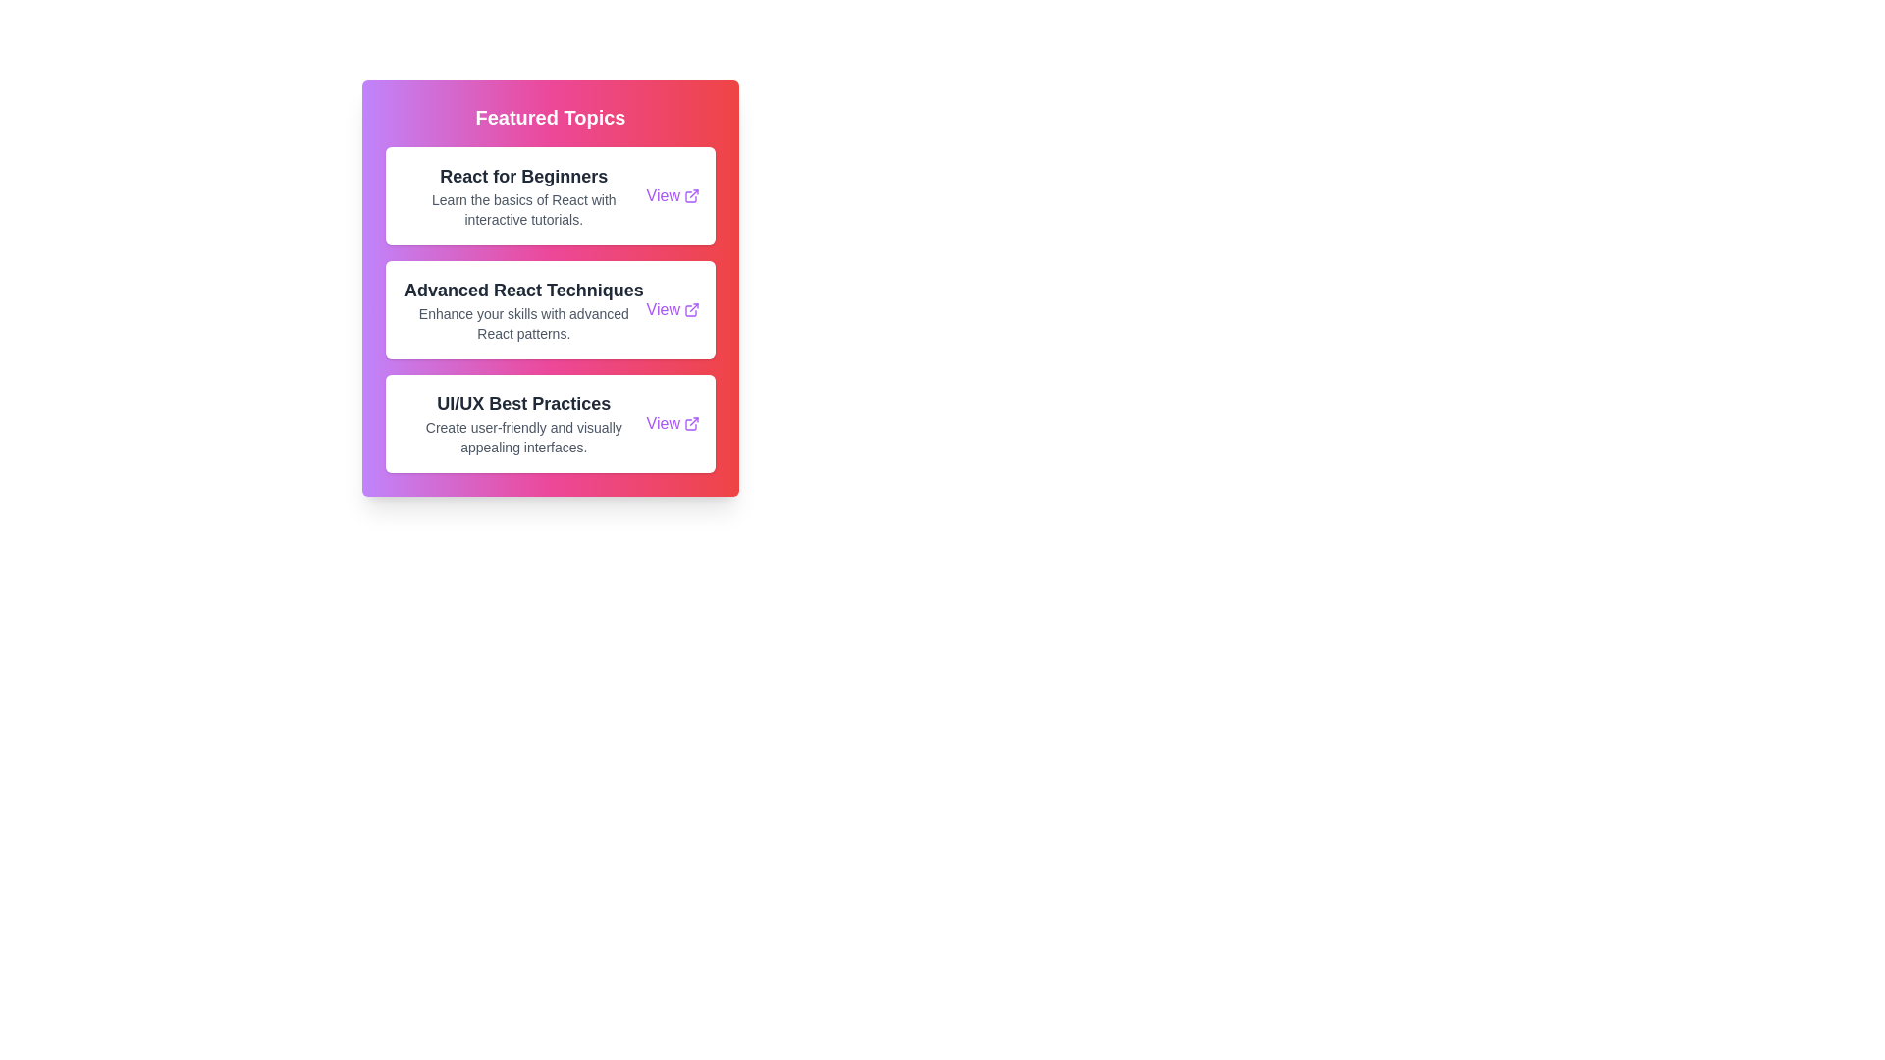 This screenshot has height=1060, width=1885. What do you see at coordinates (692, 309) in the screenshot?
I see `the external link icon located in the second row of the interactive items list, to the right of the 'View' text, to follow the link to 'Advanced React Techniques'` at bounding box center [692, 309].